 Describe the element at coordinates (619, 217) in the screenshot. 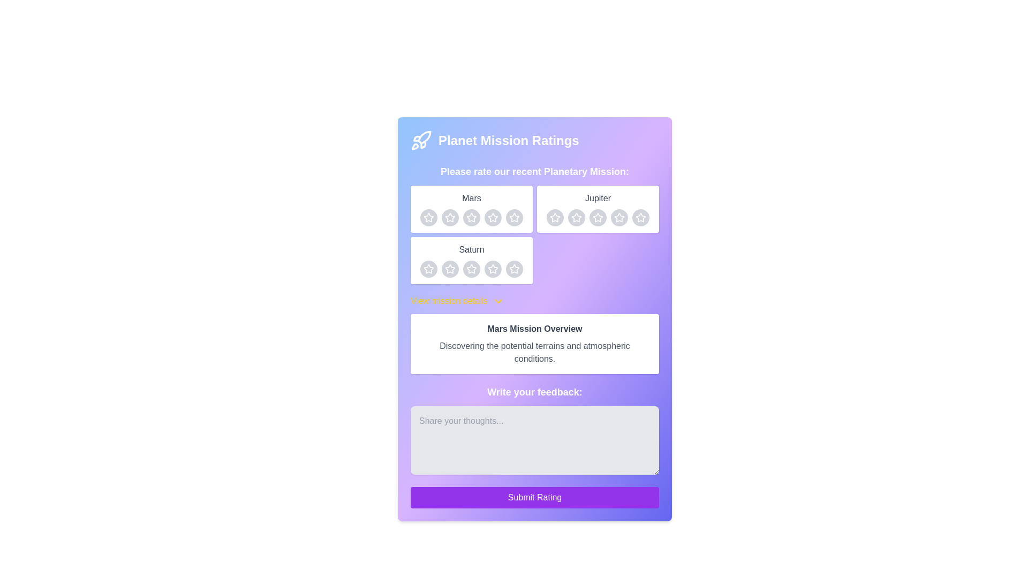

I see `the fourth rating star under the 'Jupiter' label` at that location.